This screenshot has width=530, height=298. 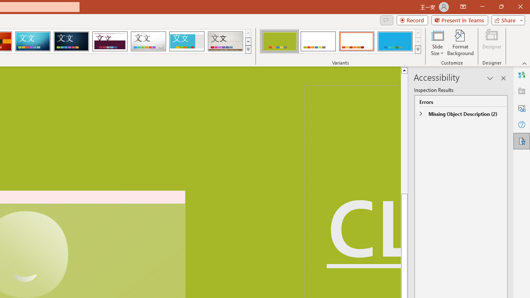 What do you see at coordinates (395, 41) in the screenshot?
I see `'Basis Variant 4'` at bounding box center [395, 41].